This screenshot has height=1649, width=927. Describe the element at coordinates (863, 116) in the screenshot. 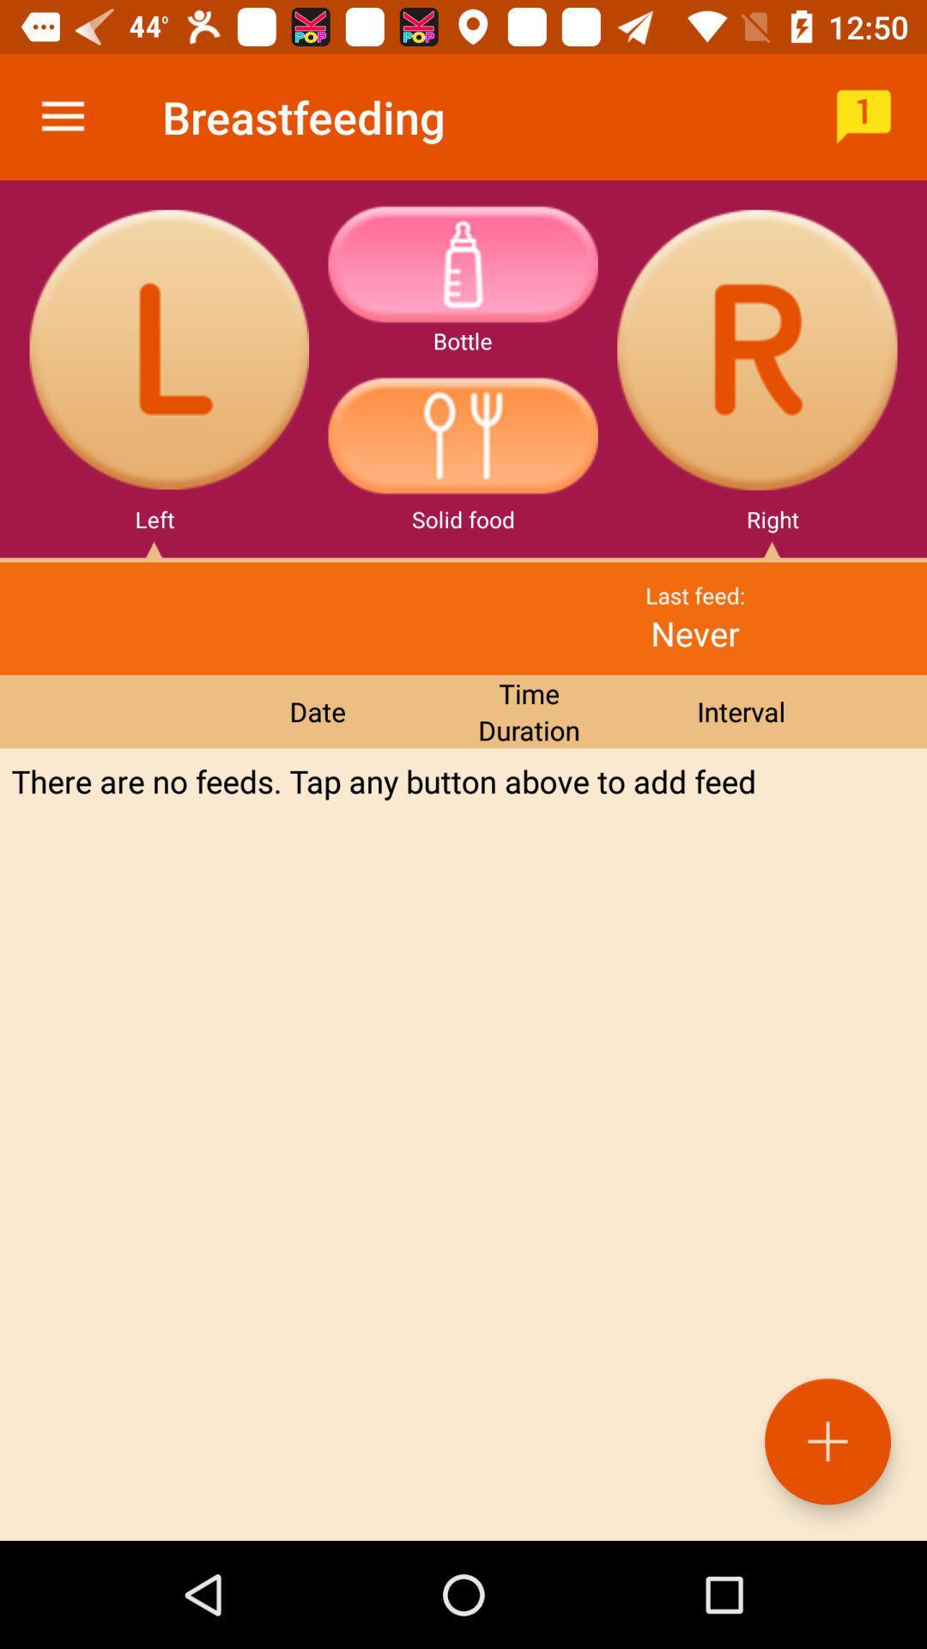

I see `icon next to breastfeeding` at that location.